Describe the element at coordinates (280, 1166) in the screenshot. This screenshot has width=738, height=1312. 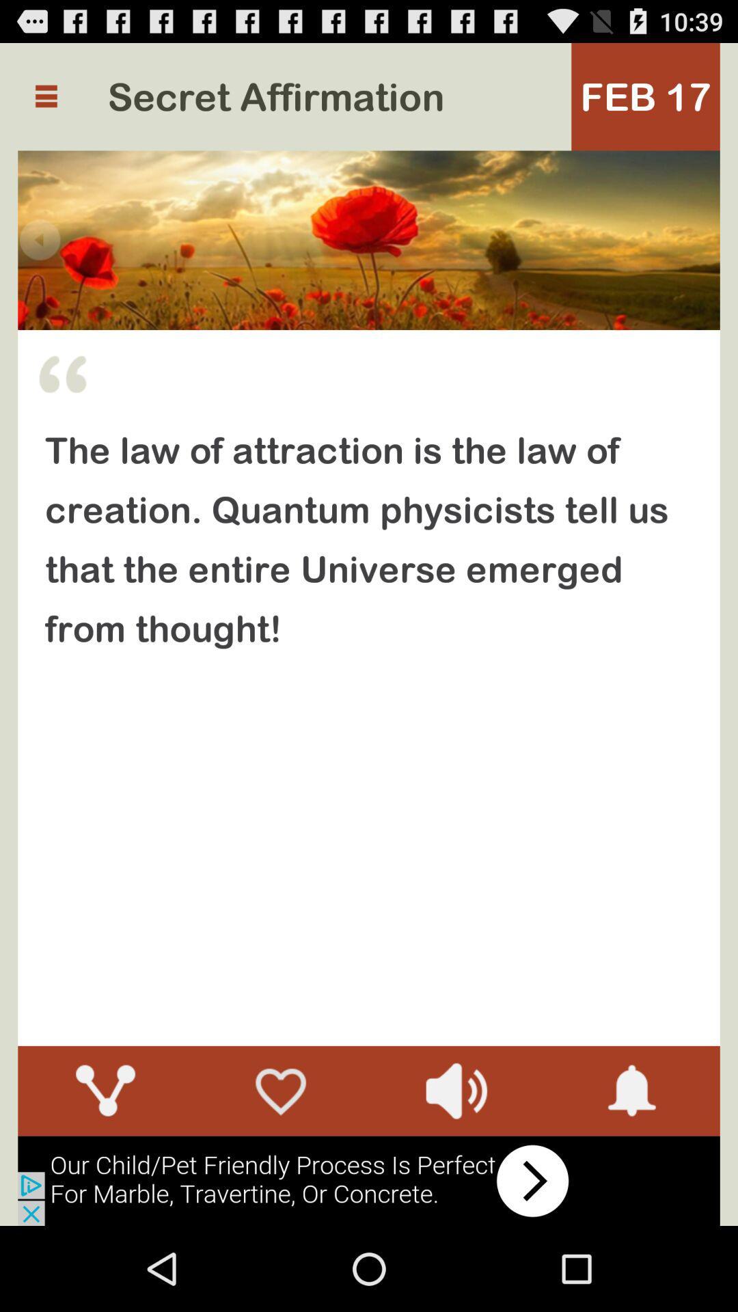
I see `the favorite icon` at that location.